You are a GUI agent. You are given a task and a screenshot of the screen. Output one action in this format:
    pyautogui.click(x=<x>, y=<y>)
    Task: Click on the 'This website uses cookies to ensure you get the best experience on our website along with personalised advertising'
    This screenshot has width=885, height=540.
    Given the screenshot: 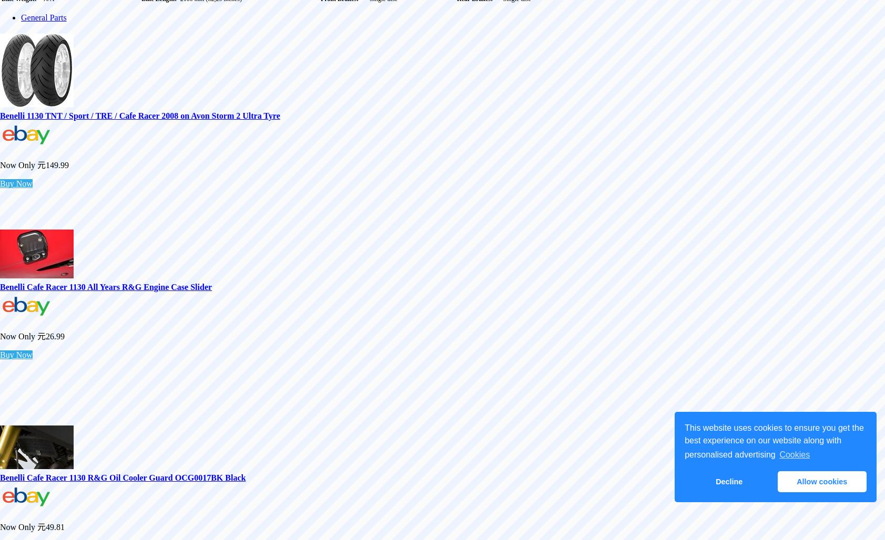 What is the action you would take?
    pyautogui.click(x=774, y=440)
    